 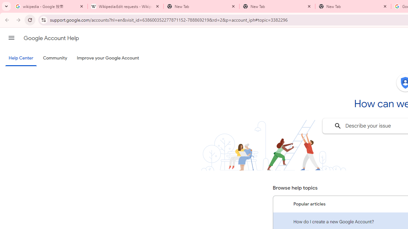 I want to click on 'Wikipedia:Edit requests - Wikipedia', so click(x=126, y=6).